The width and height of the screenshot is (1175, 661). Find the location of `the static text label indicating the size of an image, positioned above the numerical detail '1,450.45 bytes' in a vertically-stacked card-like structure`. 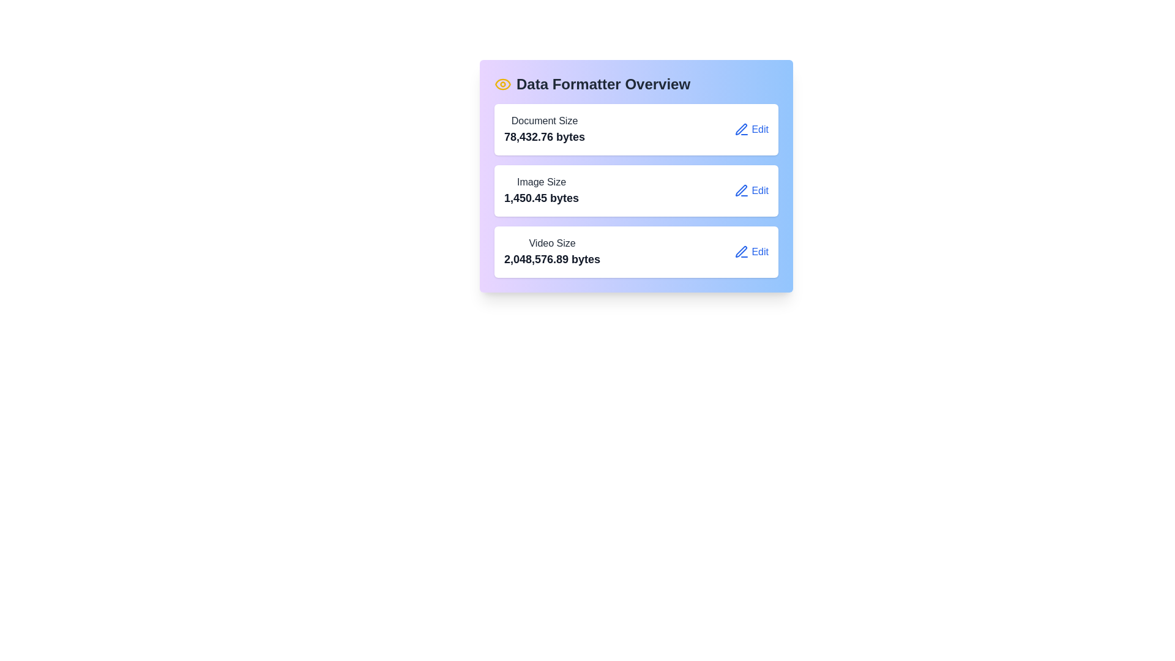

the static text label indicating the size of an image, positioned above the numerical detail '1,450.45 bytes' in a vertically-stacked card-like structure is located at coordinates (541, 182).